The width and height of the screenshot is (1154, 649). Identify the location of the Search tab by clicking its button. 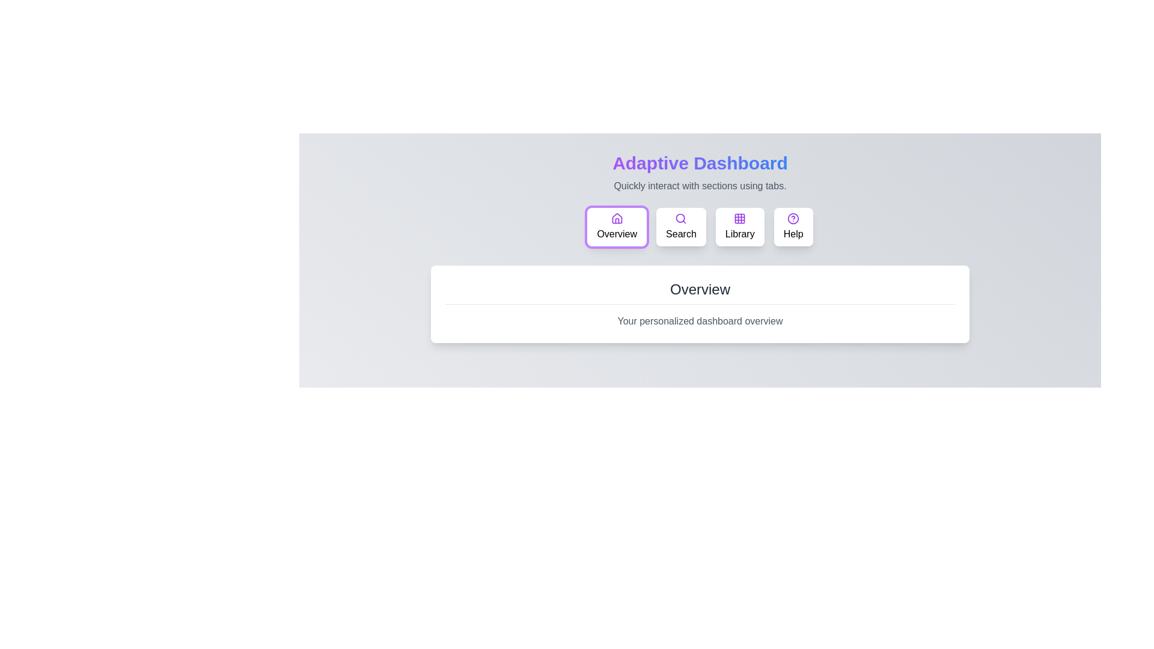
(681, 227).